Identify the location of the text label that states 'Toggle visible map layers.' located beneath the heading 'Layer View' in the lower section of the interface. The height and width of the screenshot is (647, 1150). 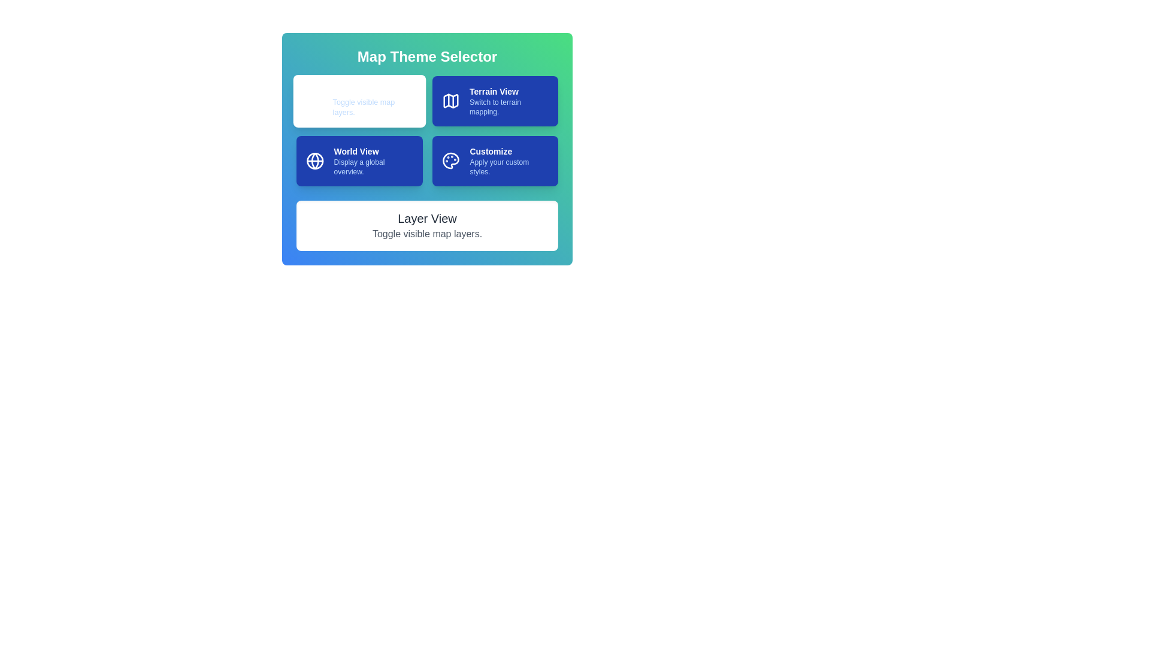
(427, 234).